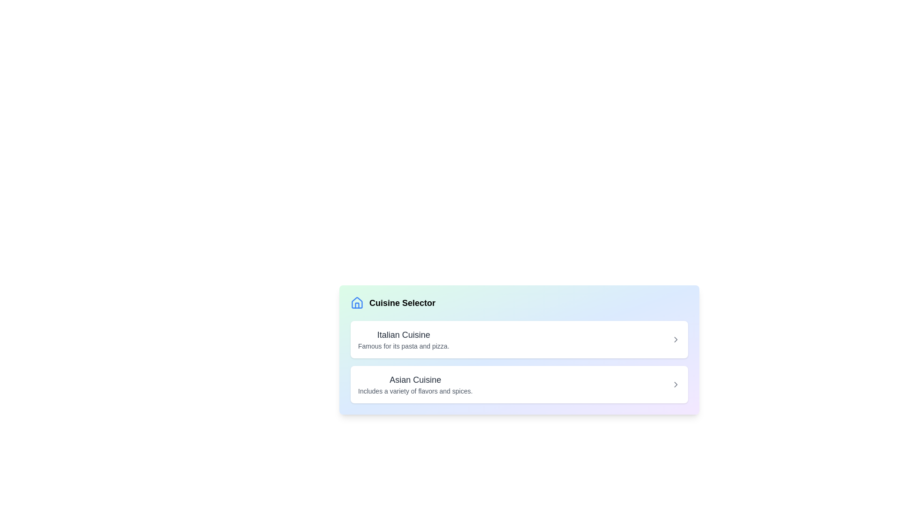 This screenshot has height=506, width=900. I want to click on the first selectable list item in the menu for Italian cuisine, so click(519, 340).